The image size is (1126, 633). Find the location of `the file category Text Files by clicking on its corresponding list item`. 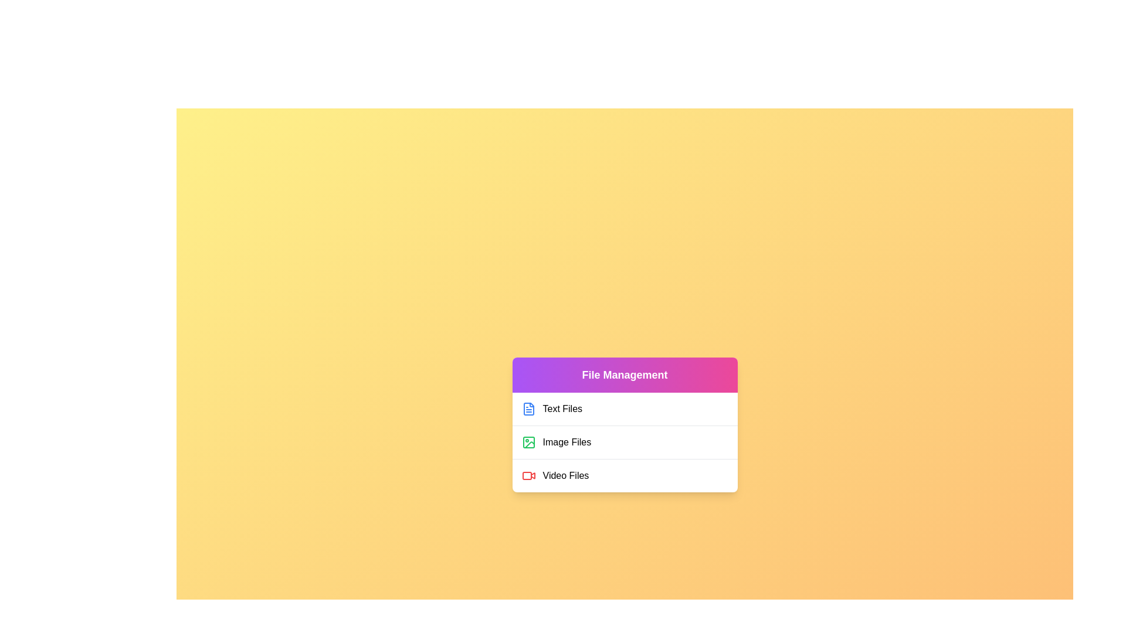

the file category Text Files by clicking on its corresponding list item is located at coordinates (624, 409).